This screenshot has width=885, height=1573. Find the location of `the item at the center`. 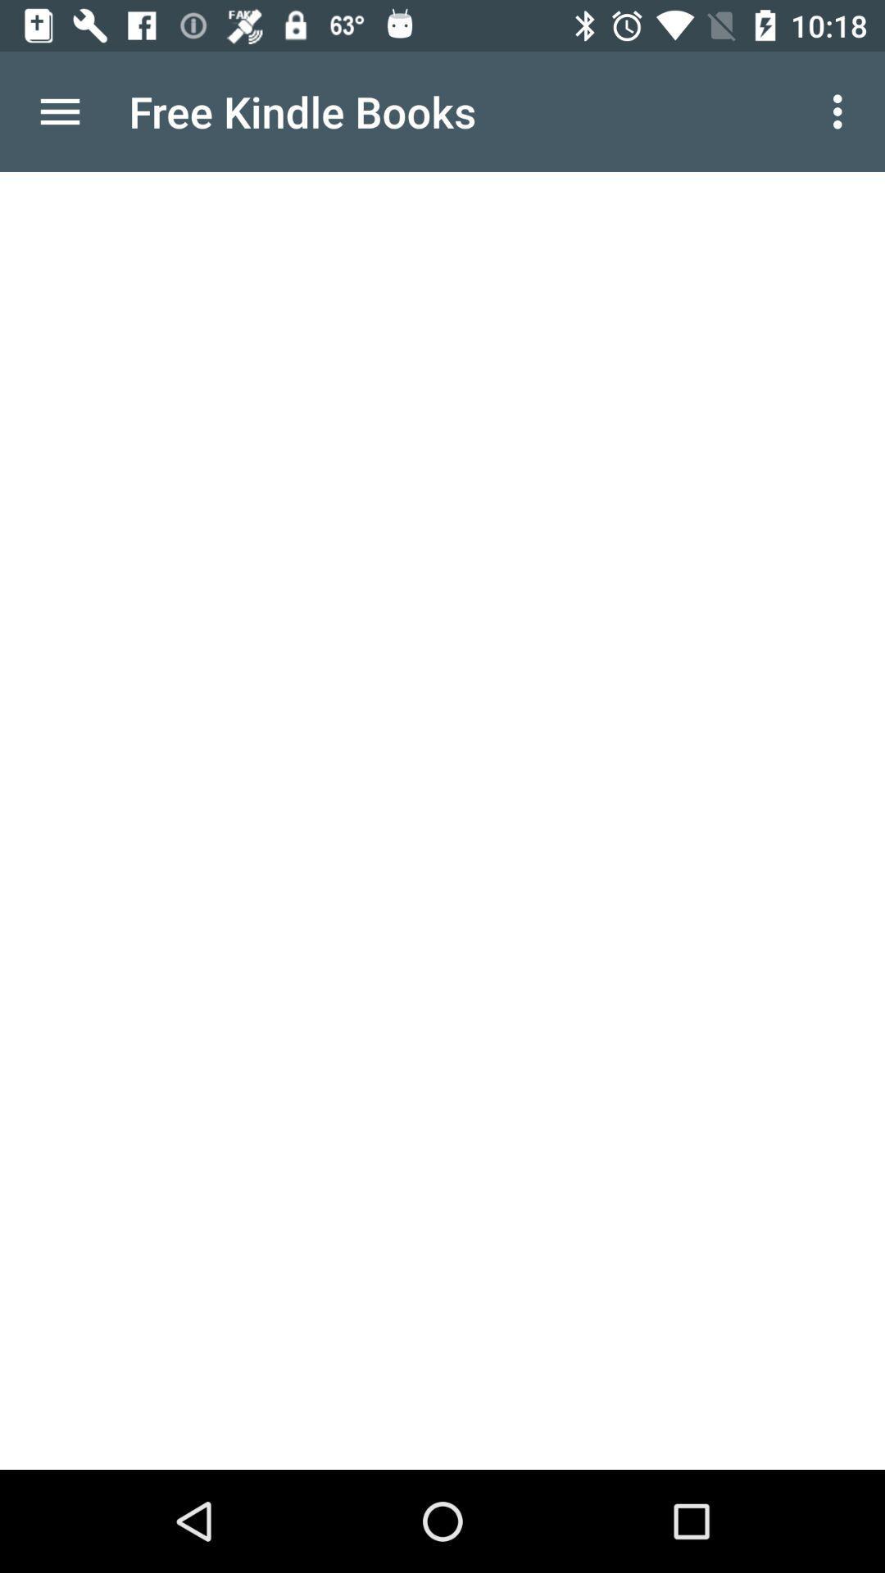

the item at the center is located at coordinates (442, 821).